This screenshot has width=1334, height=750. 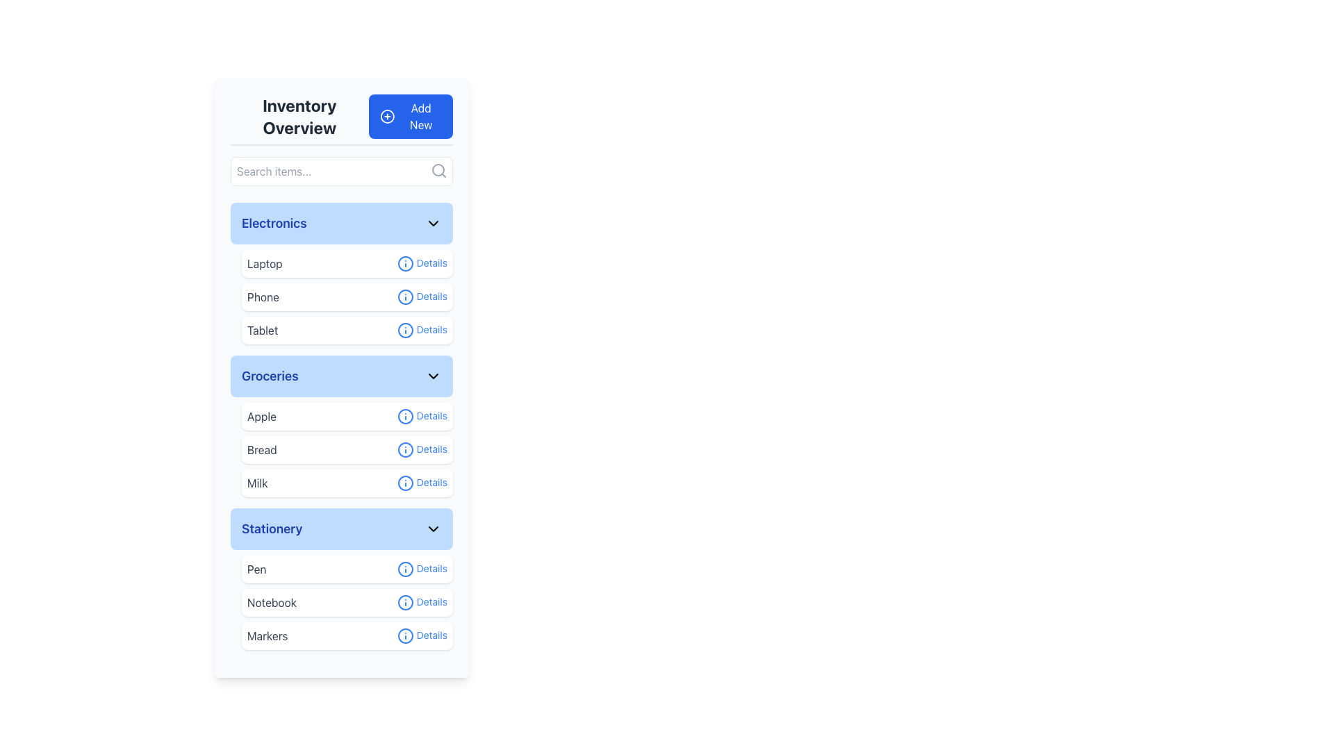 I want to click on the 'Groceries' section title located in the left column, positioned under 'Electronics' and above 'Stationery', so click(x=270, y=376).